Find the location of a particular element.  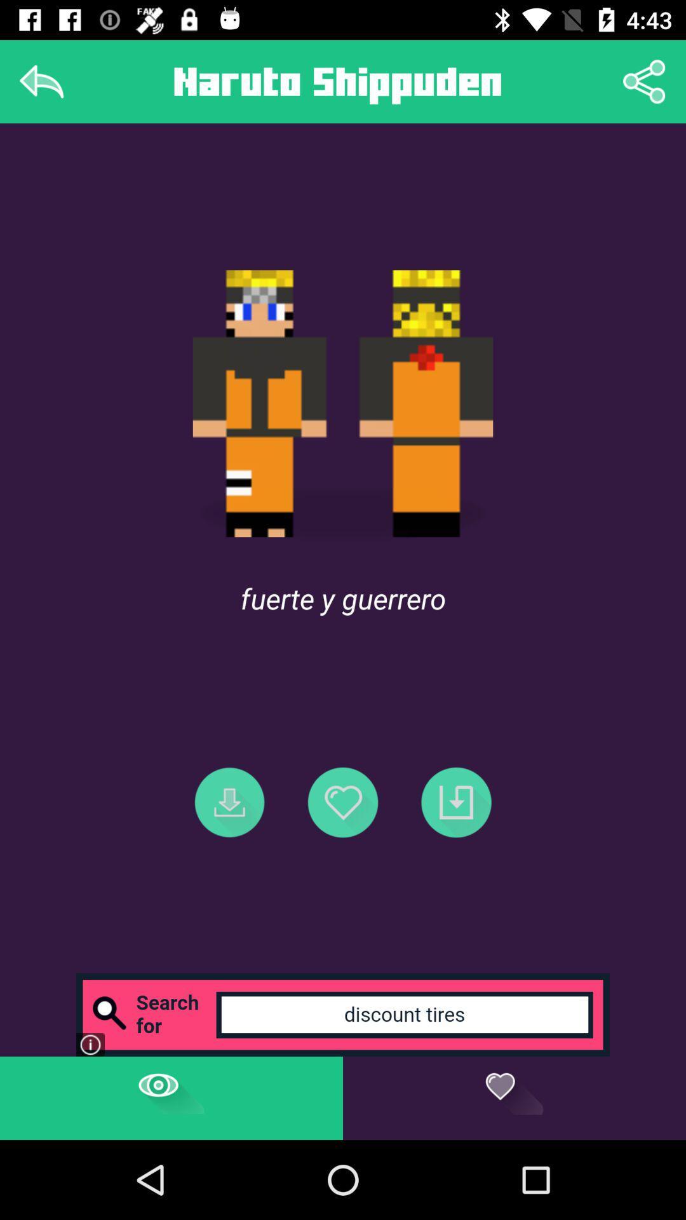

the file_download icon is located at coordinates (229, 801).